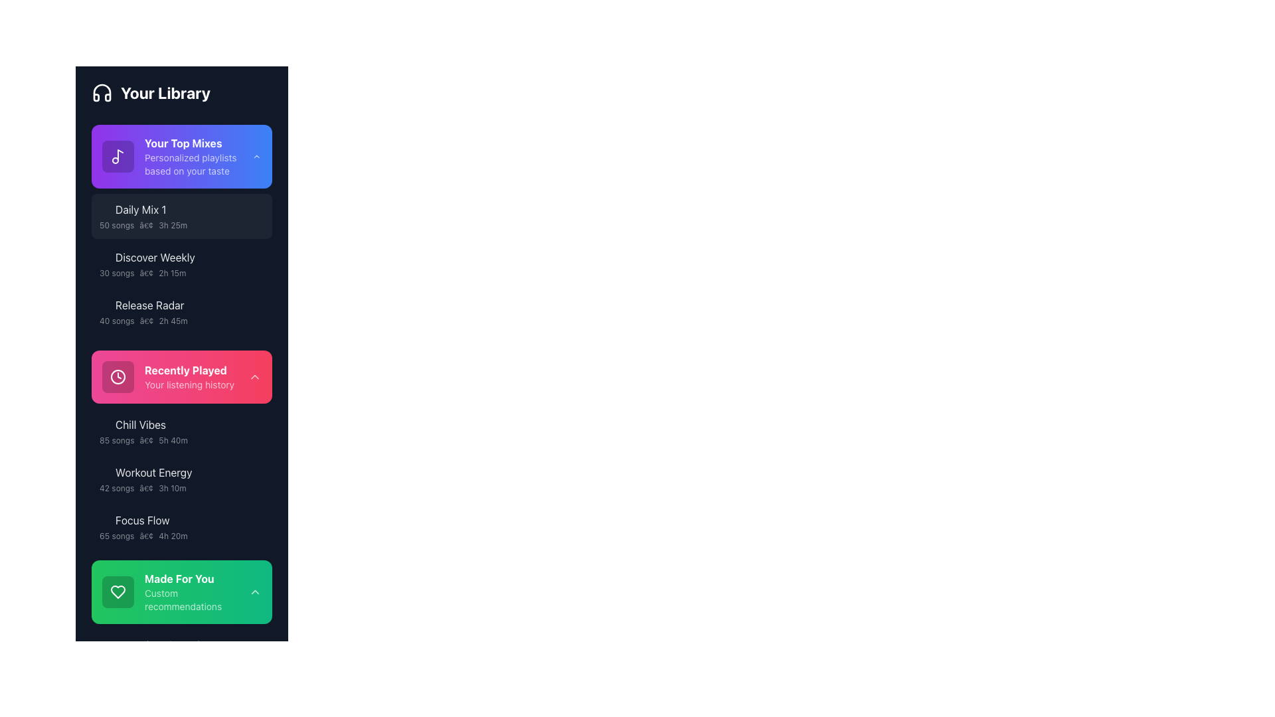 The width and height of the screenshot is (1275, 717). I want to click on the expandable/collapsible icon located in the bottom-right corner of the 'Made For You' section, adjacent to the 'Made For You' title and subtitle, so click(255, 591).